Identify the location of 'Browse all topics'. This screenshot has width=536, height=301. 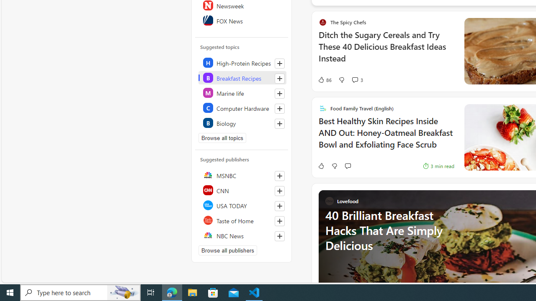
(222, 138).